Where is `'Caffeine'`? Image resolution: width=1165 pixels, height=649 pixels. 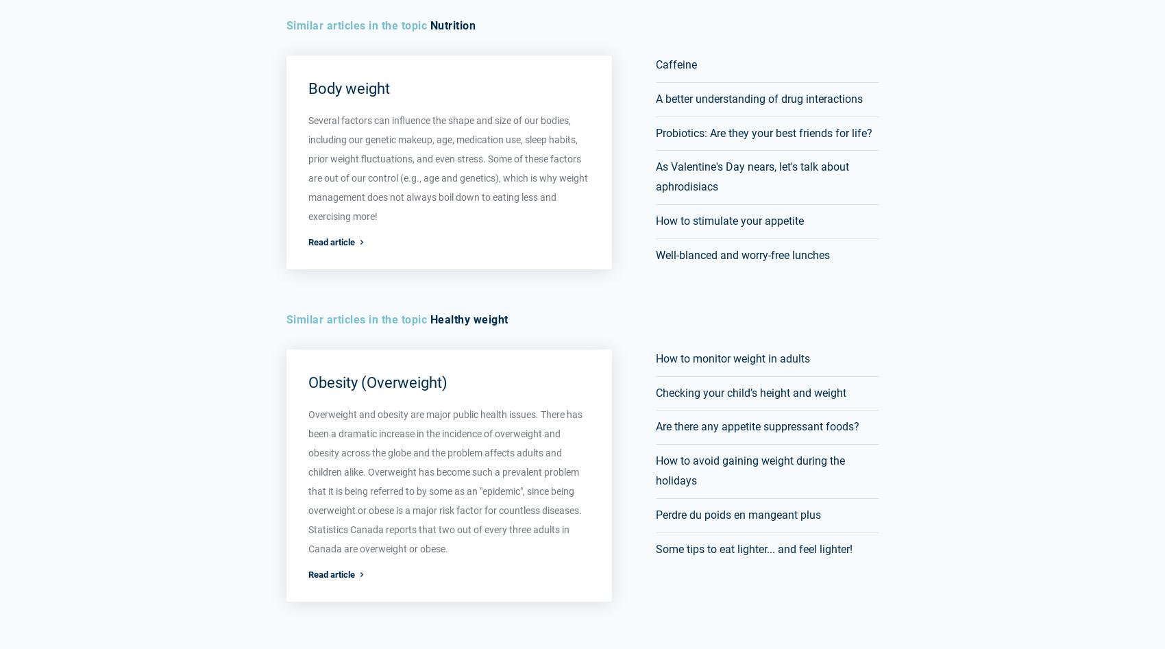 'Caffeine' is located at coordinates (674, 64).